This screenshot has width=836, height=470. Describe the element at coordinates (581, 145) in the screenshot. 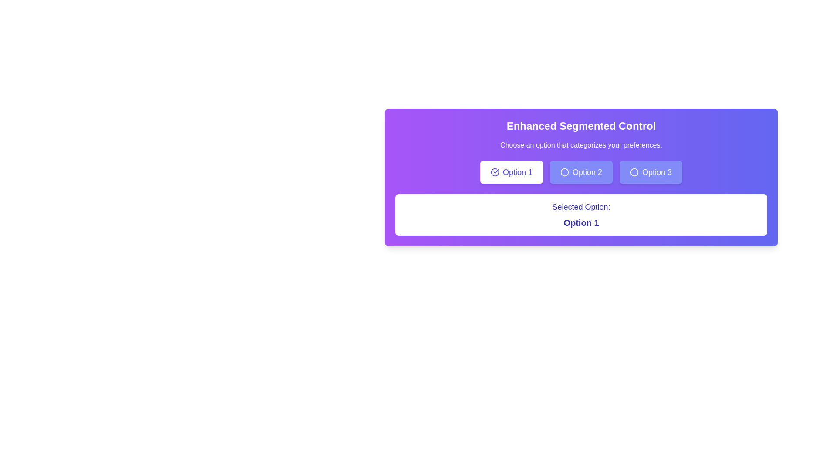

I see `the text label that provides context for the options below the title 'Enhanced Segmented Control'` at that location.